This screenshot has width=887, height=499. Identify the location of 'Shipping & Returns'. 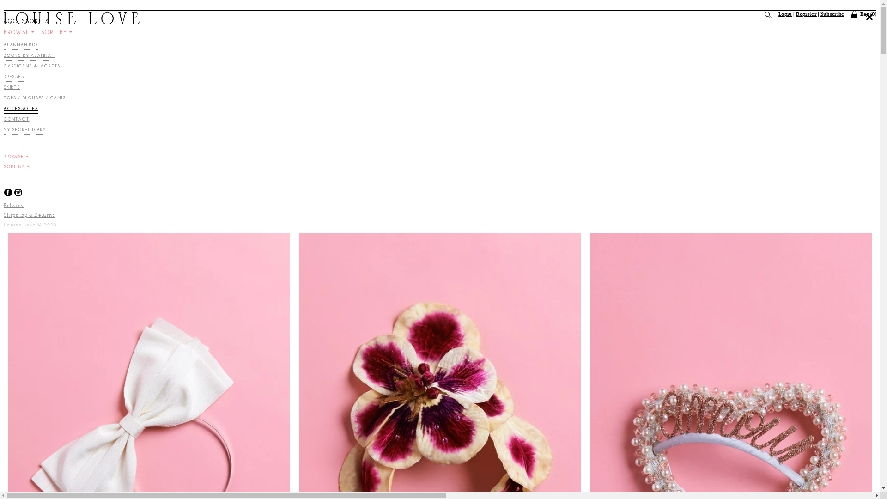
(29, 215).